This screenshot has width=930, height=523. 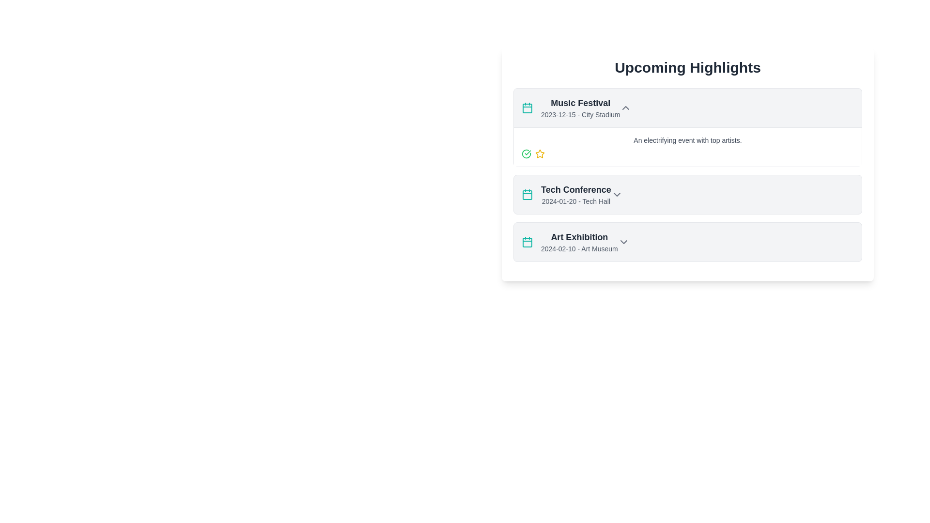 What do you see at coordinates (579, 237) in the screenshot?
I see `text content of the 'Art Exhibition' label located at the top of its group in the events list` at bounding box center [579, 237].